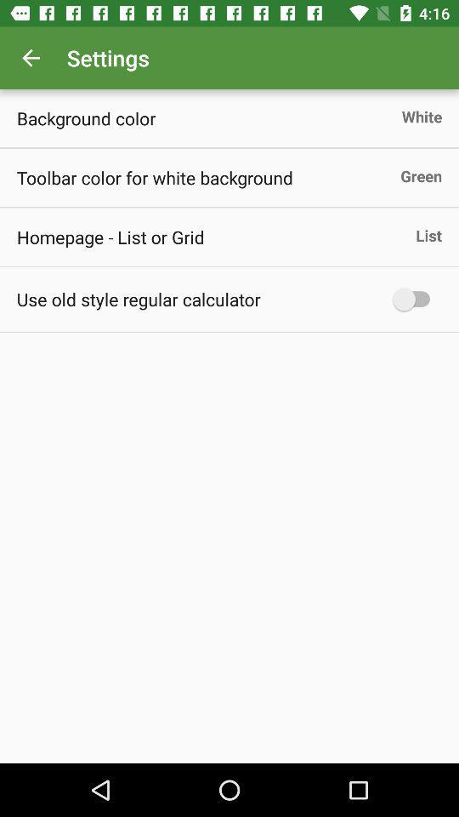 The width and height of the screenshot is (459, 817). What do you see at coordinates (110, 236) in the screenshot?
I see `icon to the left of the list icon` at bounding box center [110, 236].